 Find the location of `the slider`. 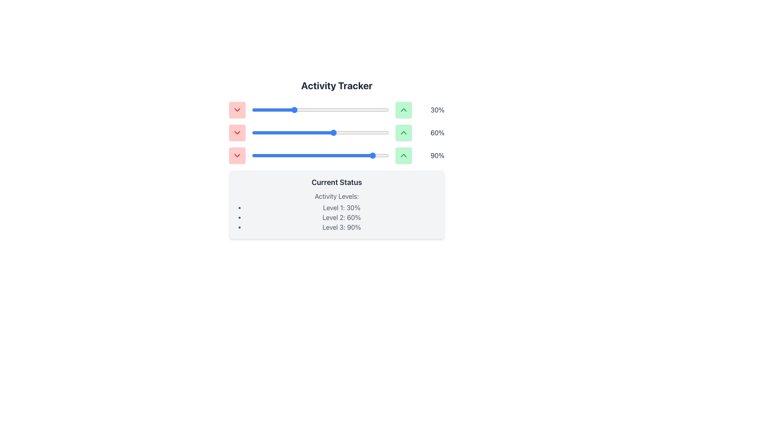

the slider is located at coordinates (295, 155).